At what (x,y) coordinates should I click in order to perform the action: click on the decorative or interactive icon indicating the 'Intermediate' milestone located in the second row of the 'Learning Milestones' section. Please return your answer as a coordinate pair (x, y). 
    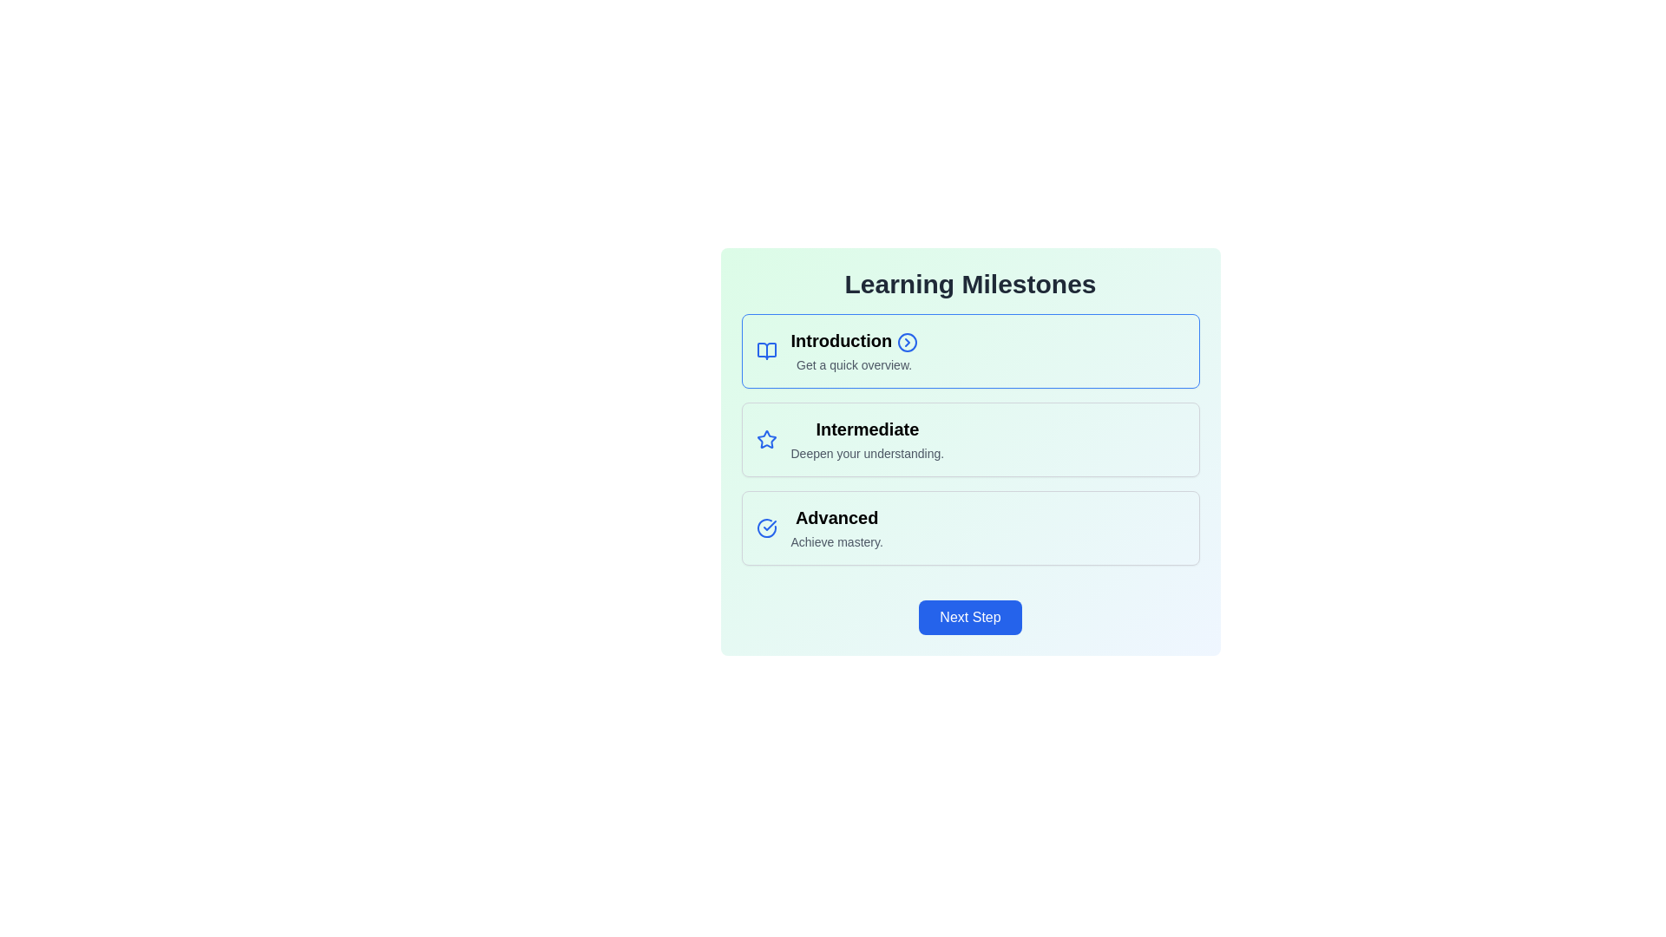
    Looking at the image, I should click on (765, 438).